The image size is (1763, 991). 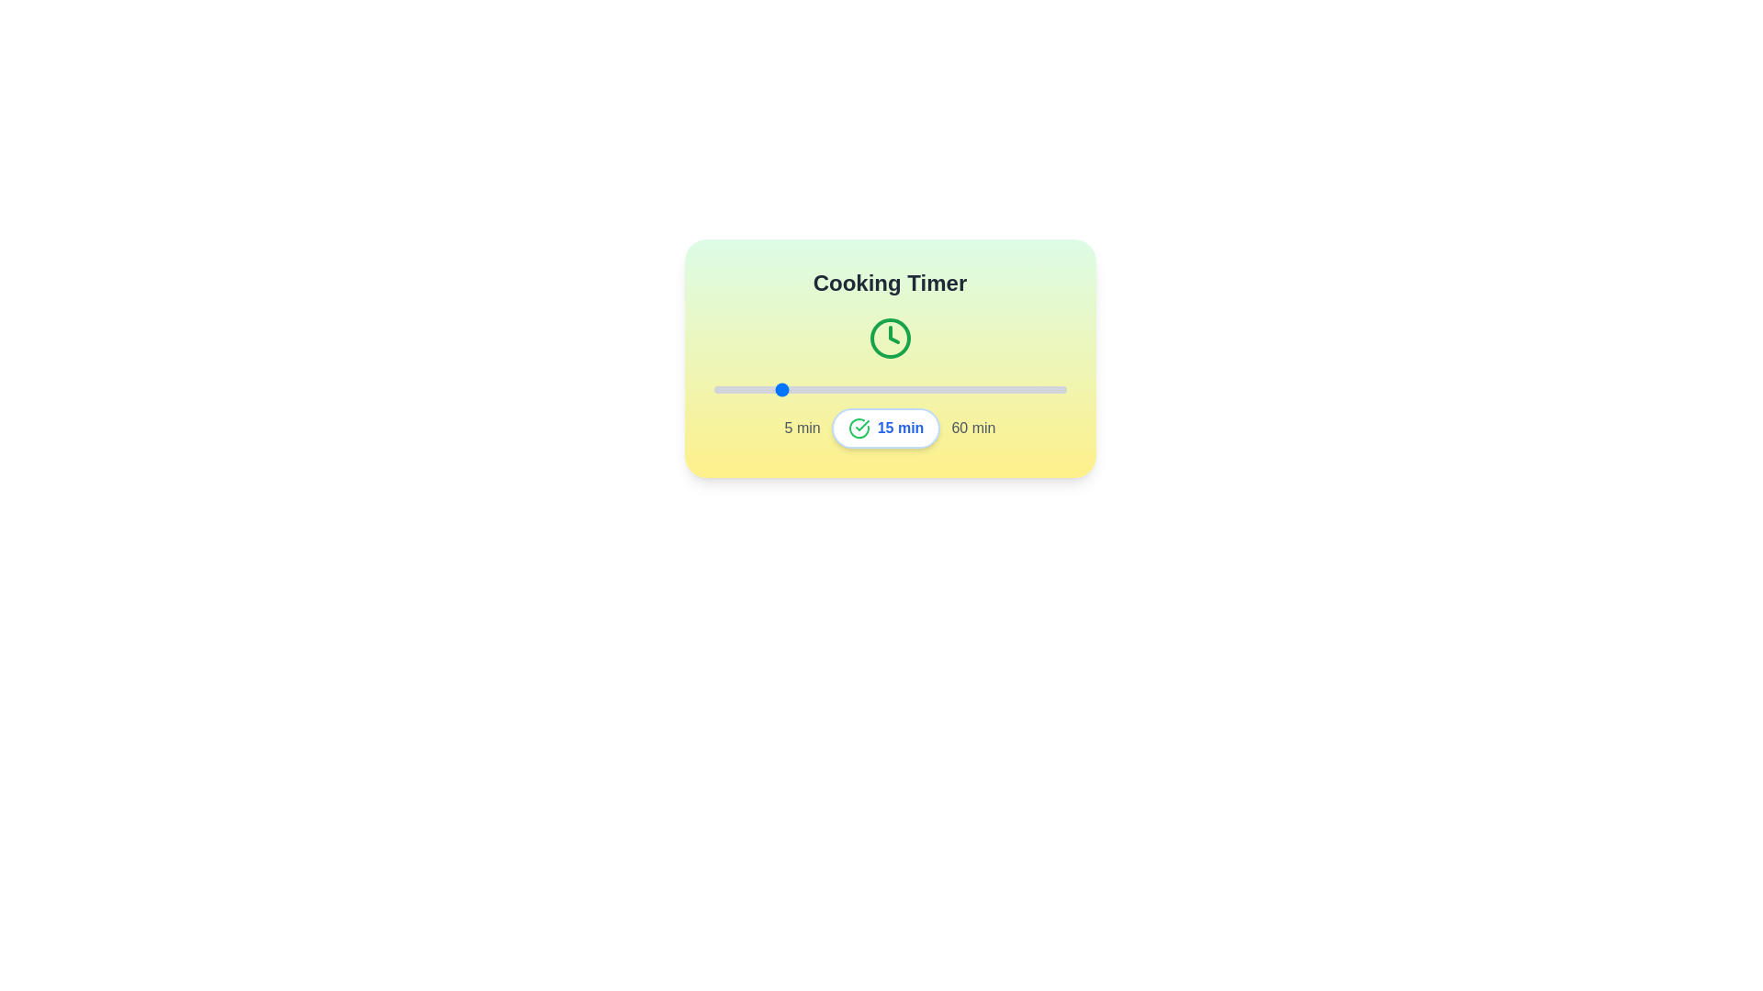 I want to click on text label displaying '60 min', which is the rightmost option in a group of three time options ('5 min', '15 min', and '60 min') arranged horizontally near the bottom of the card layout, so click(x=972, y=428).